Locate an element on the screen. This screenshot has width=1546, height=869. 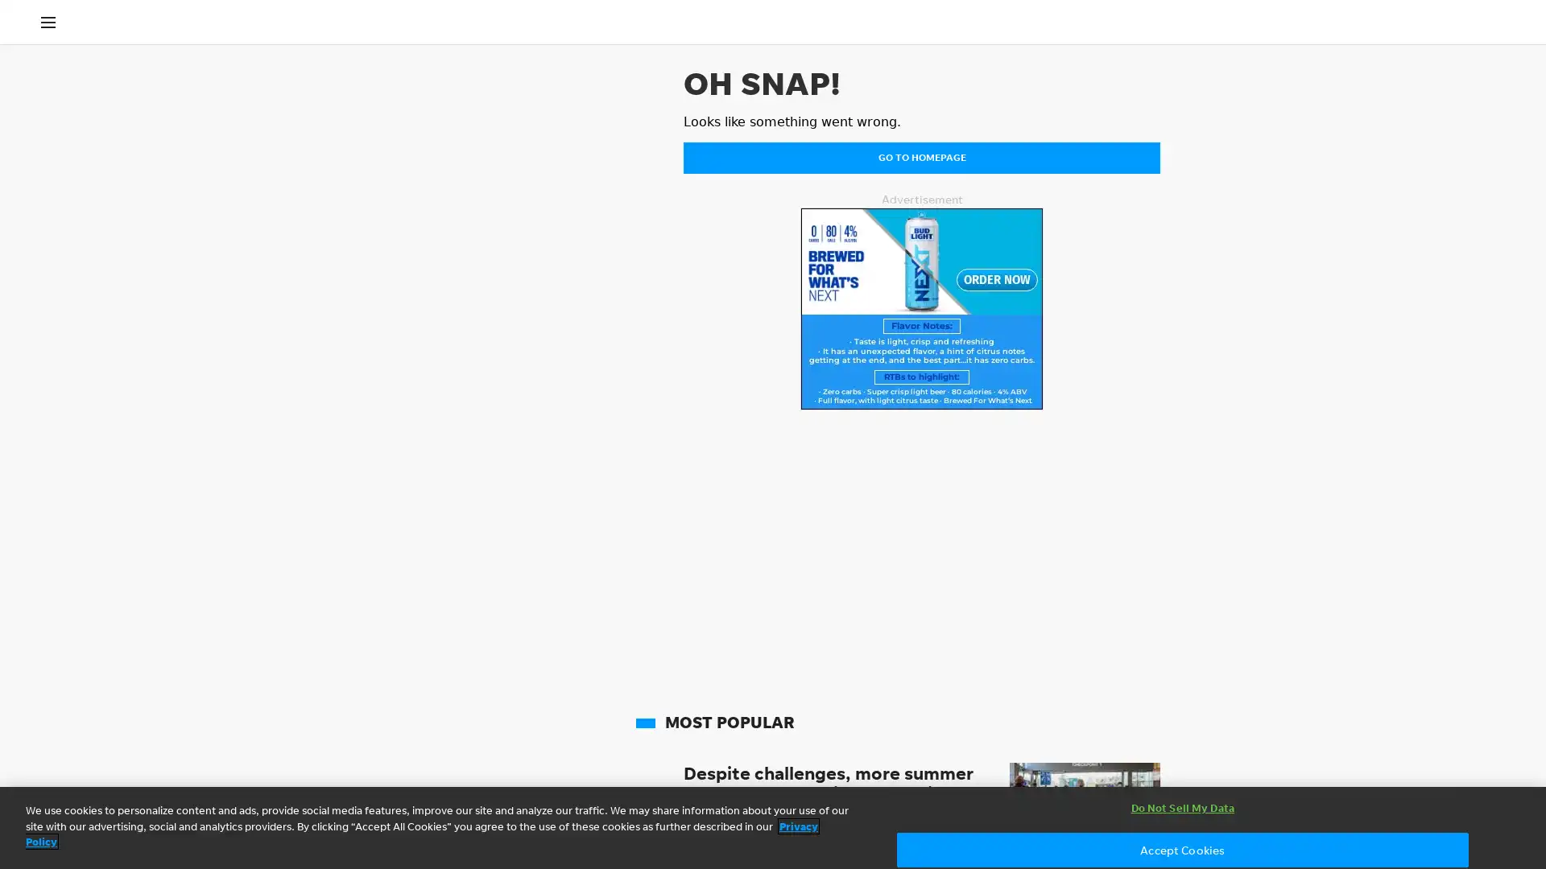
Accept Cookies is located at coordinates (1182, 849).